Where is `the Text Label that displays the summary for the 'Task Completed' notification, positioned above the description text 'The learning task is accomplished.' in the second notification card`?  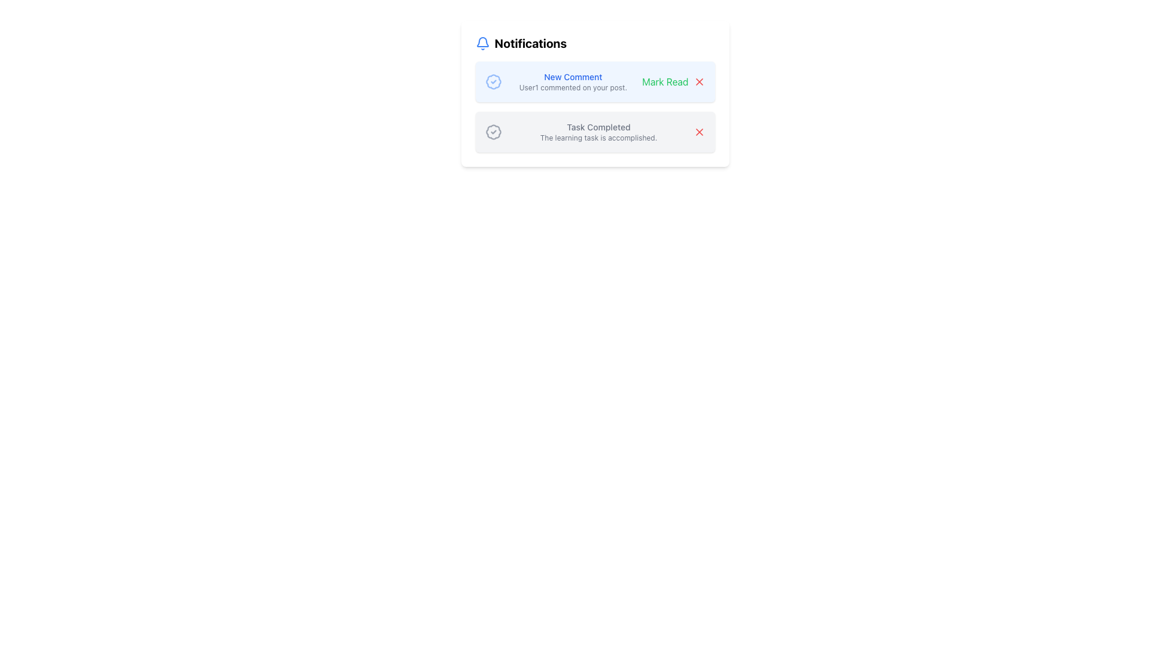
the Text Label that displays the summary for the 'Task Completed' notification, positioned above the description text 'The learning task is accomplished.' in the second notification card is located at coordinates (598, 127).